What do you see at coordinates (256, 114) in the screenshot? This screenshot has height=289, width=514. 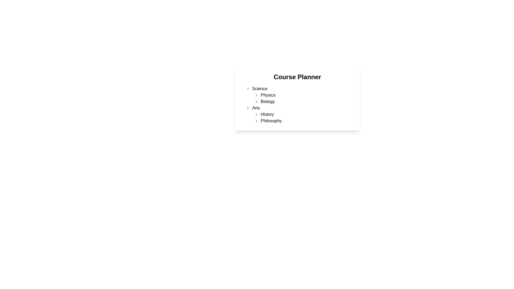 I see `the green right-pointing chevron icon located to the left of the 'History' label` at bounding box center [256, 114].